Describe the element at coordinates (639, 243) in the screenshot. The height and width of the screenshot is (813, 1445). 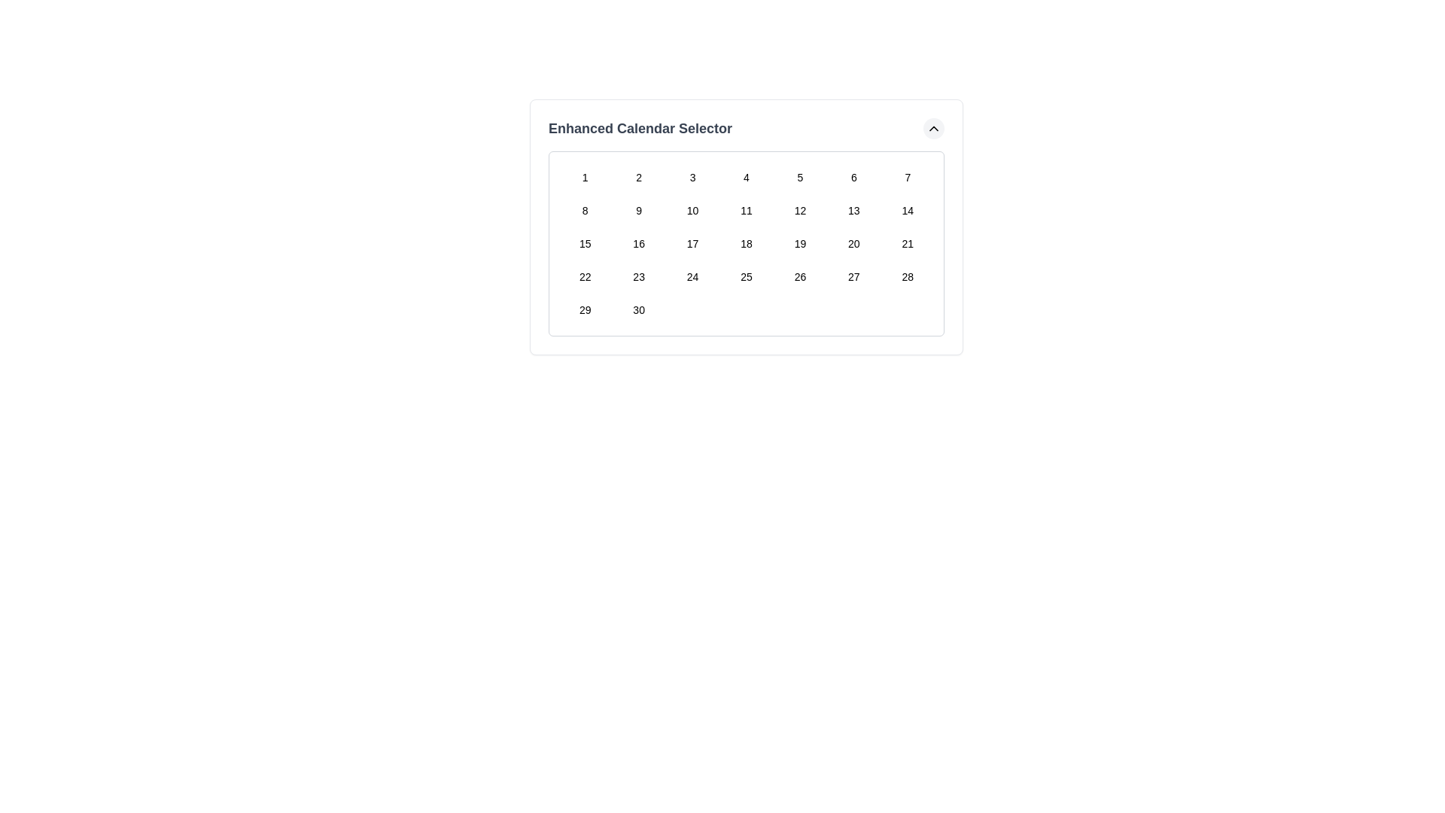
I see `the button representing the day '16' in the calendar, located in the fourth row, second cell from the left, to trigger hover effects` at that location.